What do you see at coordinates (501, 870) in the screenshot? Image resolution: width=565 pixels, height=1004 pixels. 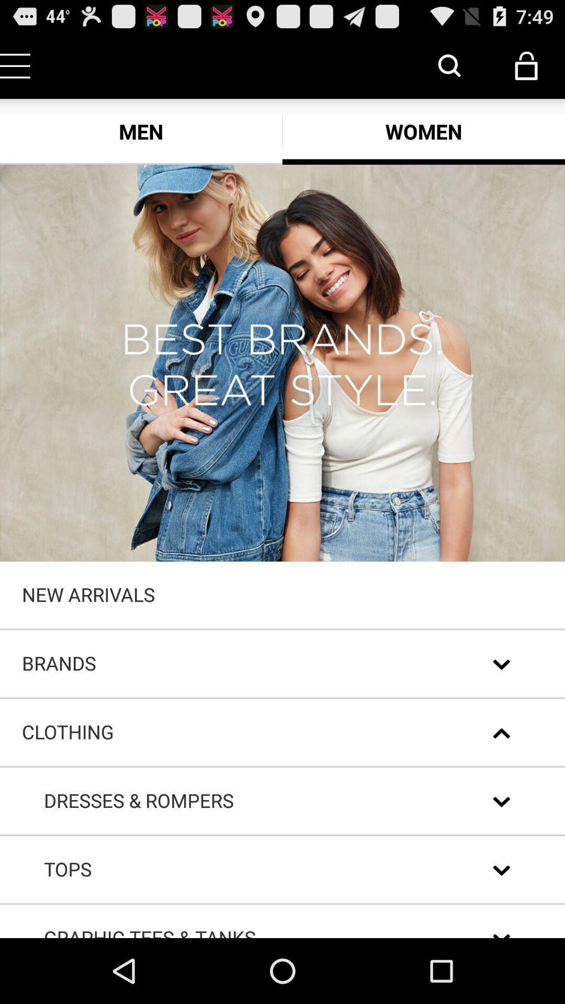 I see `the second down arrow from bottom` at bounding box center [501, 870].